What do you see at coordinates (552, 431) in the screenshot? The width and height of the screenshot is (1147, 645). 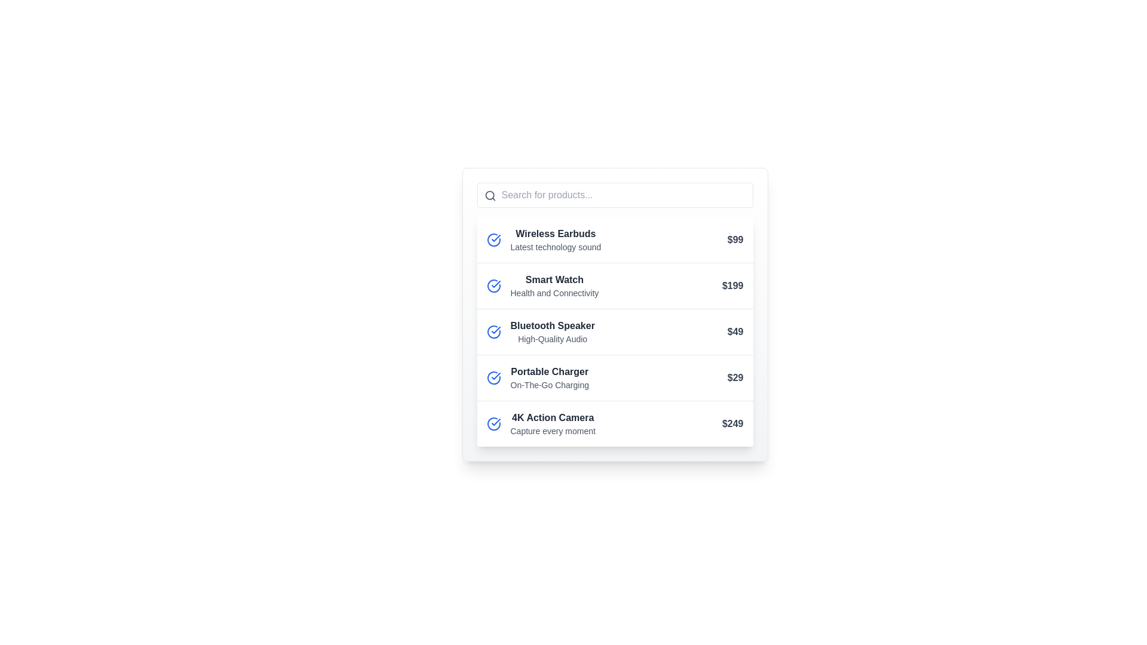 I see `the Text Label providing additional descriptive information for the product title '4K Action Camera', positioned below and aligned to the left of it` at bounding box center [552, 431].